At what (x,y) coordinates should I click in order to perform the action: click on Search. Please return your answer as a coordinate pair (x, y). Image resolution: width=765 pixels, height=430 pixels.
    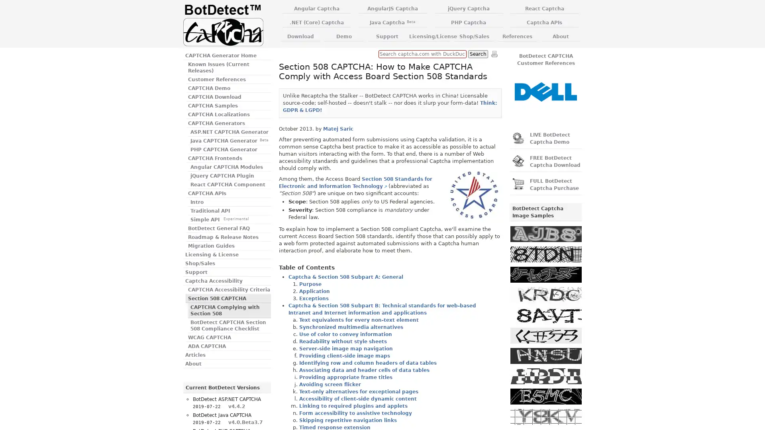
    Looking at the image, I should click on (478, 54).